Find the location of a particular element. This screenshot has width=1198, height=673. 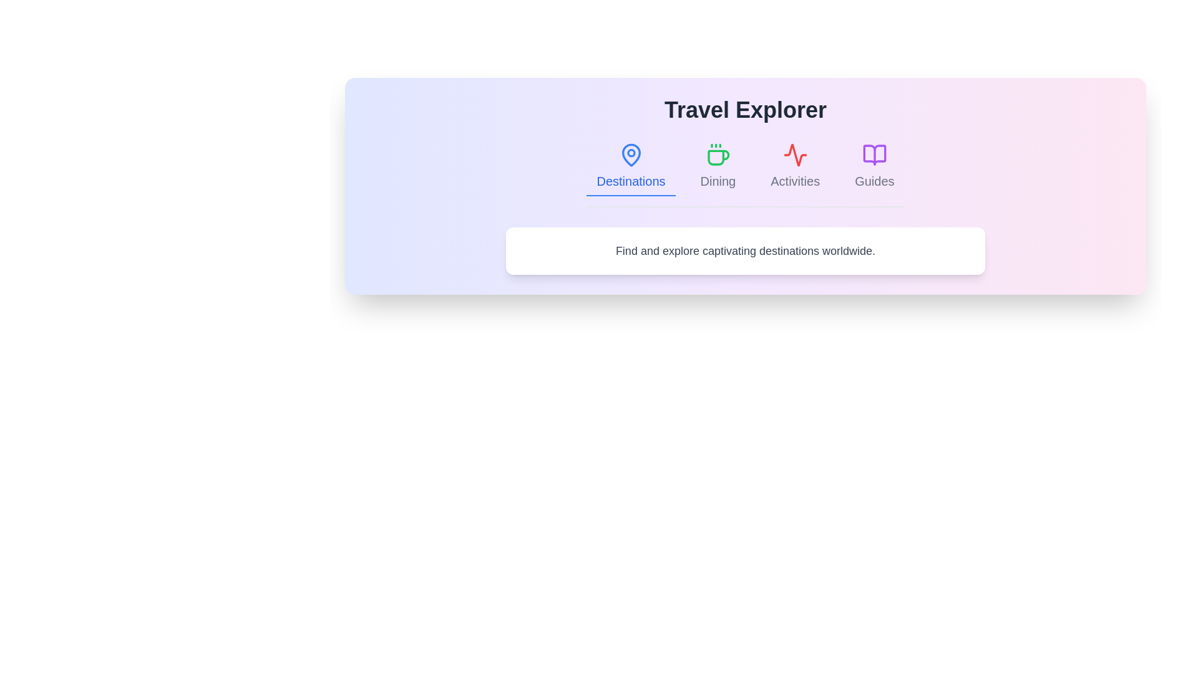

the tab labeled Guides to view its content is located at coordinates (874, 166).